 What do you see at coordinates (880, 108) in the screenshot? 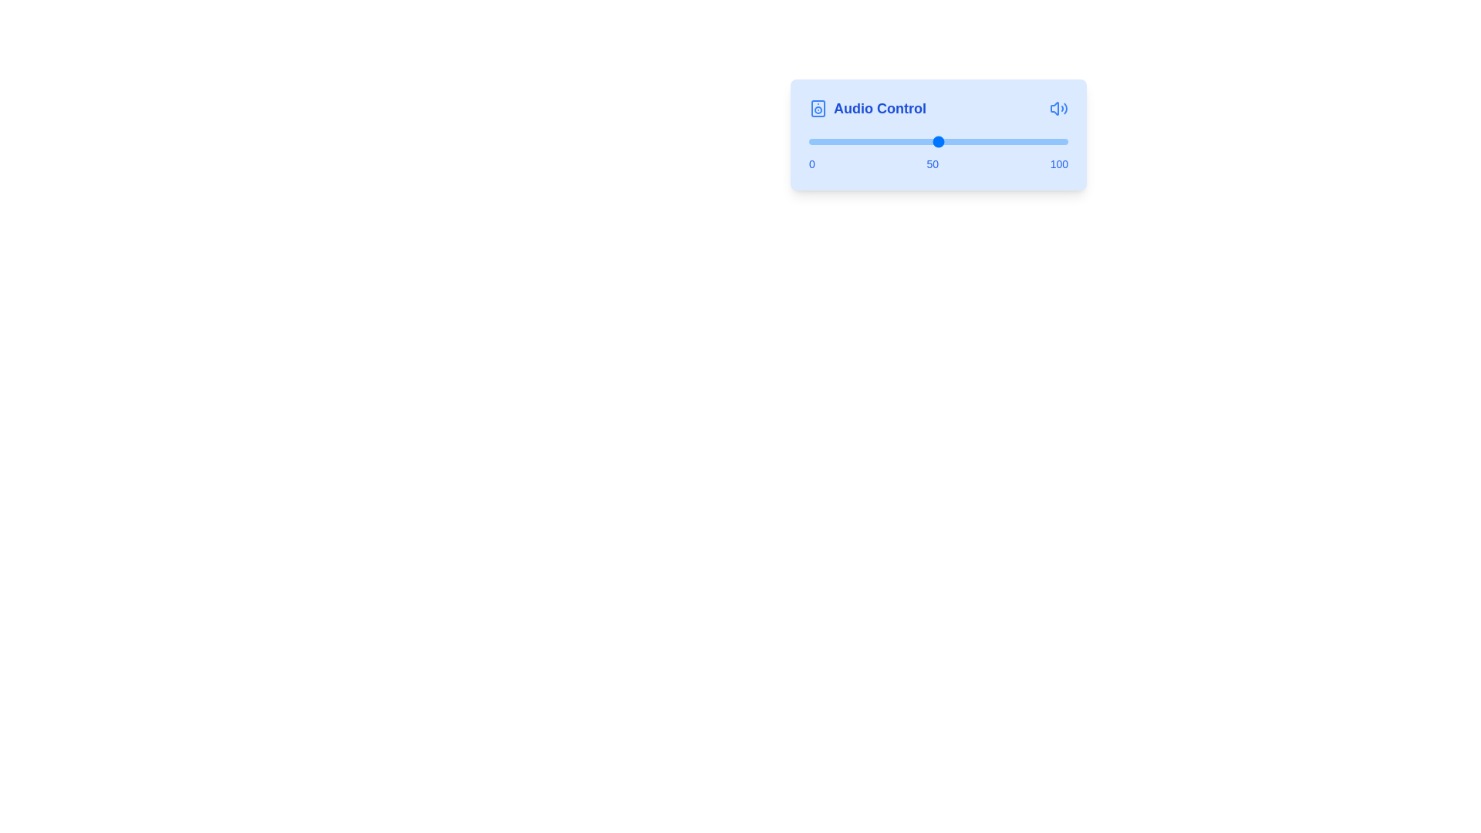
I see `the static text label 'Audio Control' which serves as a descriptive title for the audio control panel, located to the right of the audio speaker icon` at bounding box center [880, 108].